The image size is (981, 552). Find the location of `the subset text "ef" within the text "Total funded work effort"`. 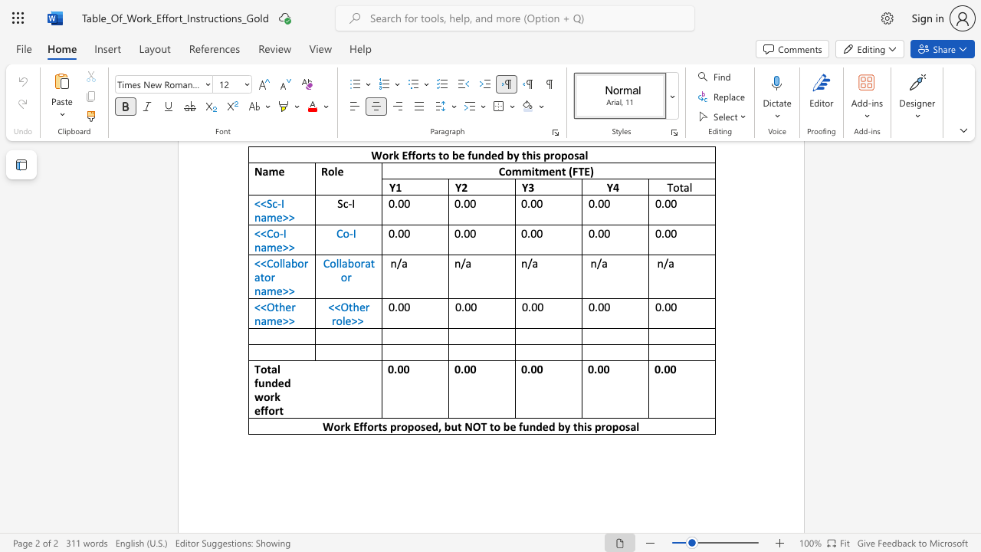

the subset text "ef" within the text "Total funded work effort" is located at coordinates (254, 409).